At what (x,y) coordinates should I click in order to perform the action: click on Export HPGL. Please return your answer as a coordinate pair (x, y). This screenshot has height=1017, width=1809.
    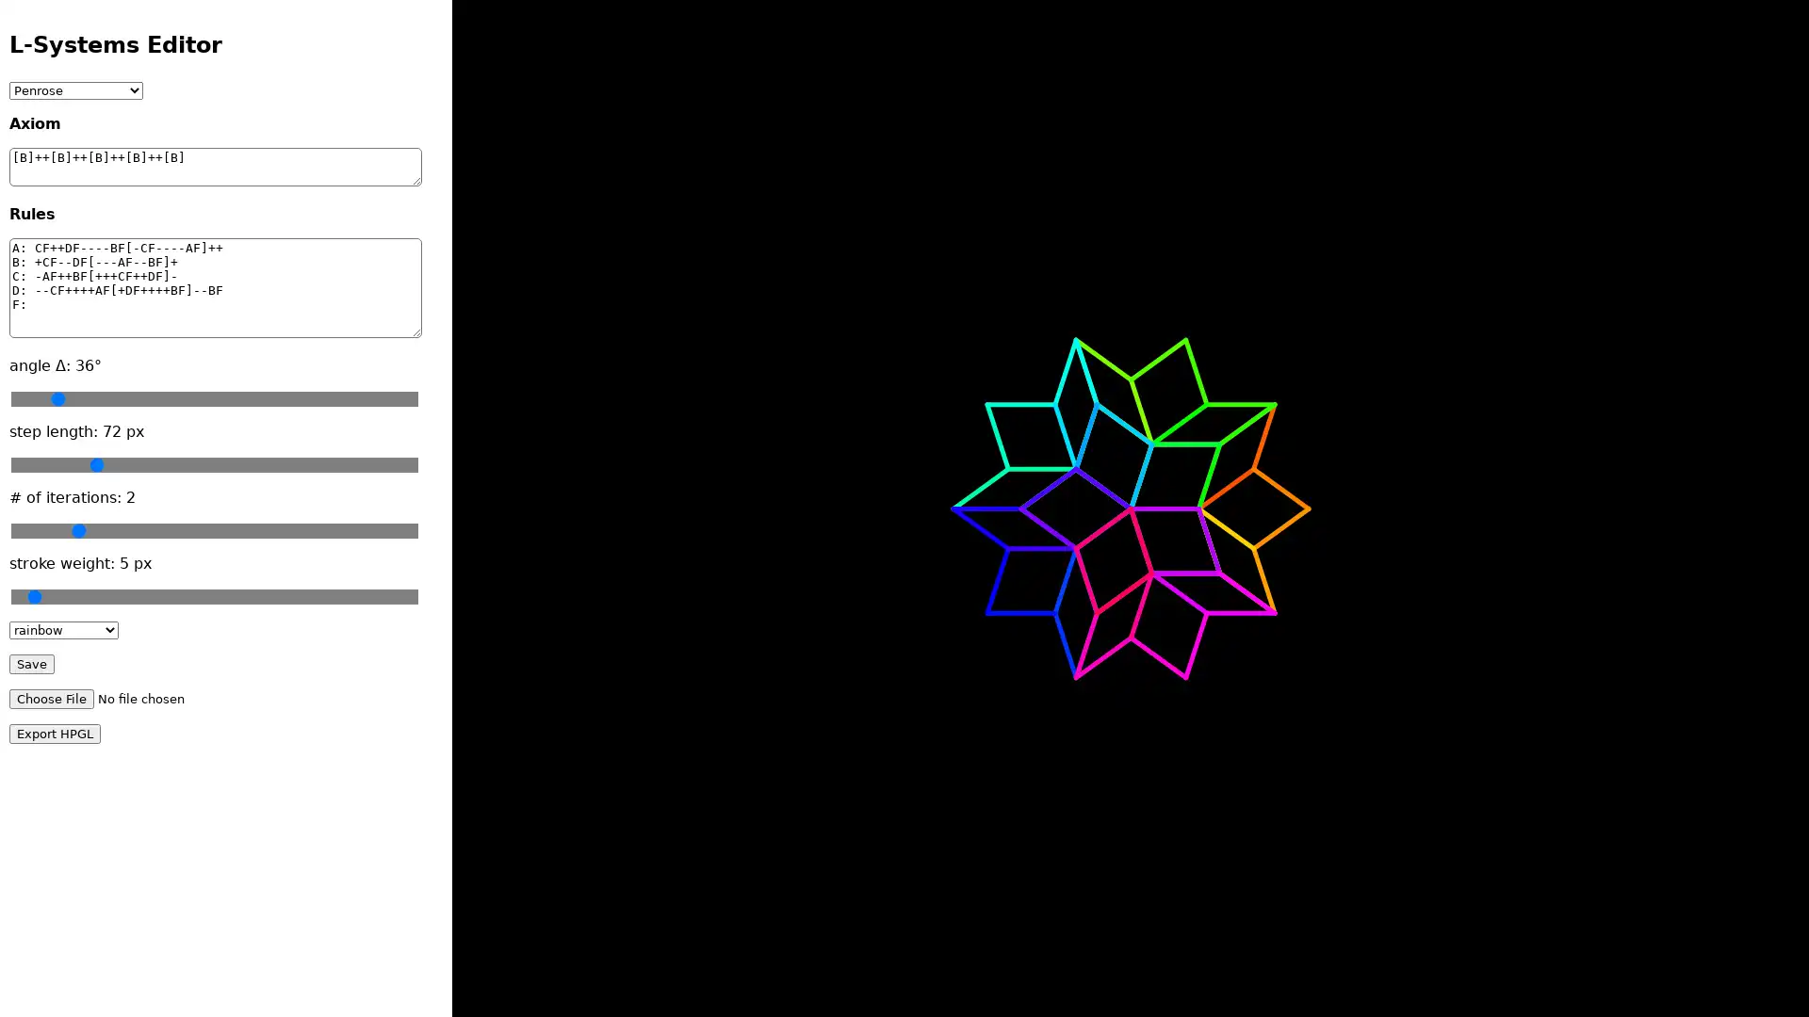
    Looking at the image, I should click on (55, 733).